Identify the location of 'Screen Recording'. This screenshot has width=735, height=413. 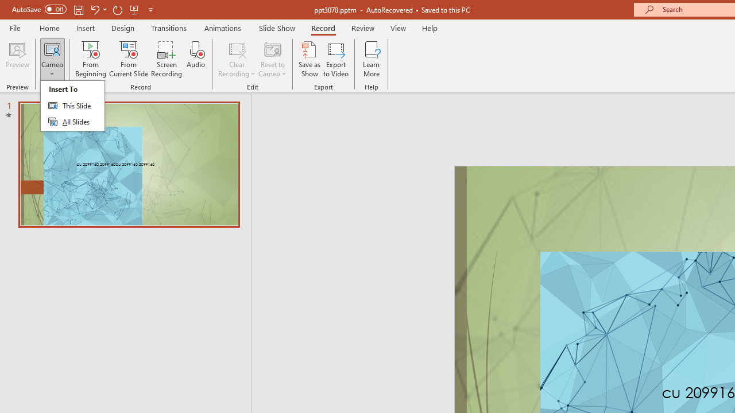
(166, 59).